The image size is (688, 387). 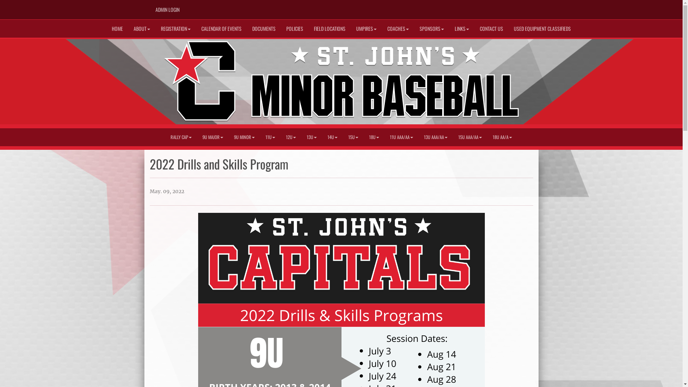 I want to click on 'HOME', so click(x=117, y=28).